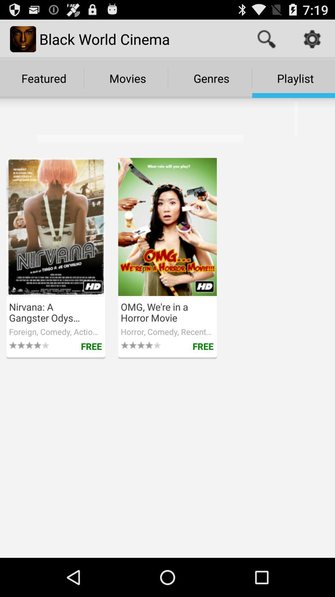  Describe the element at coordinates (266, 39) in the screenshot. I see `the icon next to the black world cinema` at that location.